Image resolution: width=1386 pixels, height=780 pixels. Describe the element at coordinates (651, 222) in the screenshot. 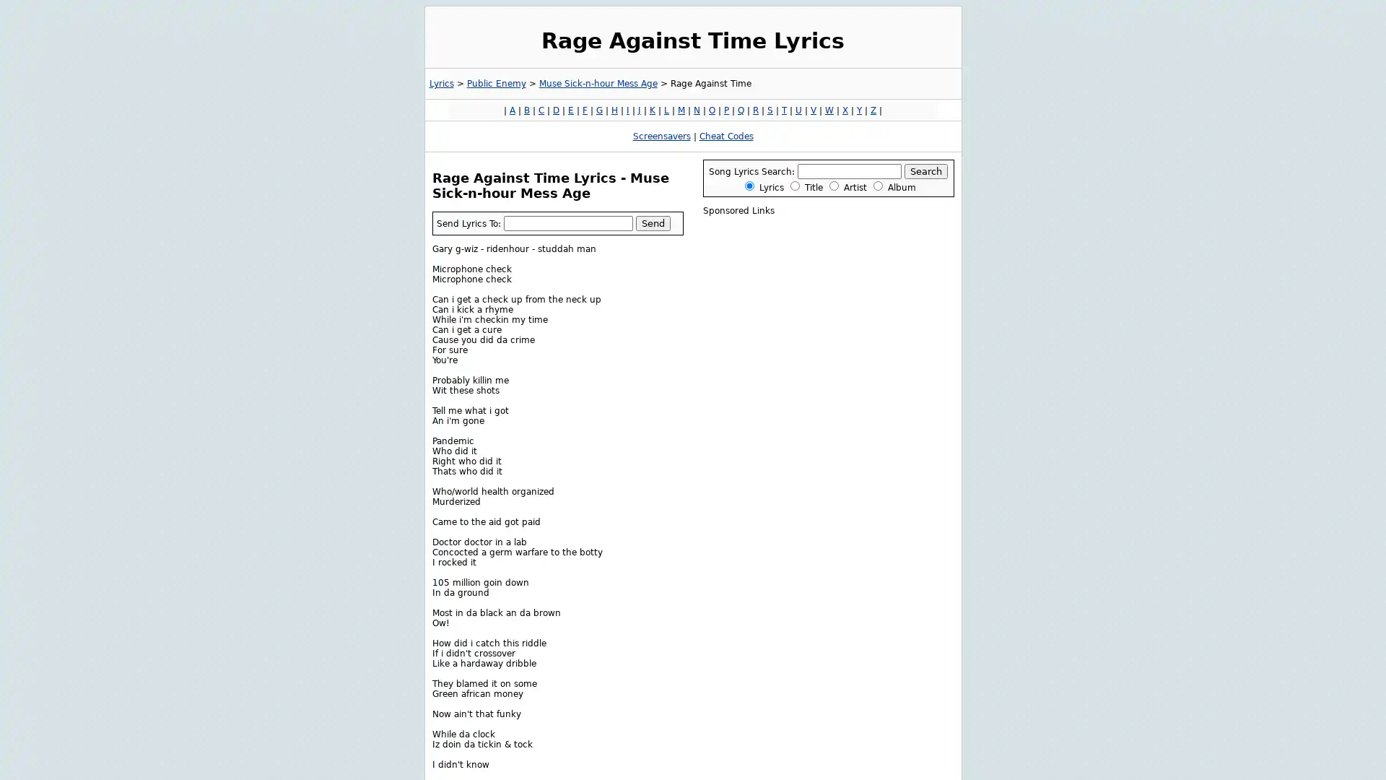

I see `Send` at that location.